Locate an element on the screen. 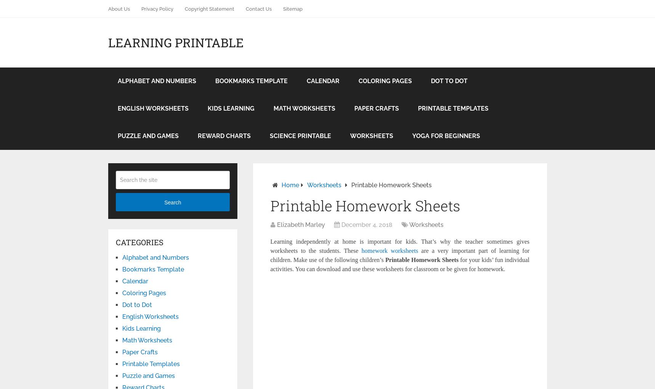  'for your kids’ fun individual activities. You can download and use these worksheets for classroom or be given for homework.' is located at coordinates (399, 264).